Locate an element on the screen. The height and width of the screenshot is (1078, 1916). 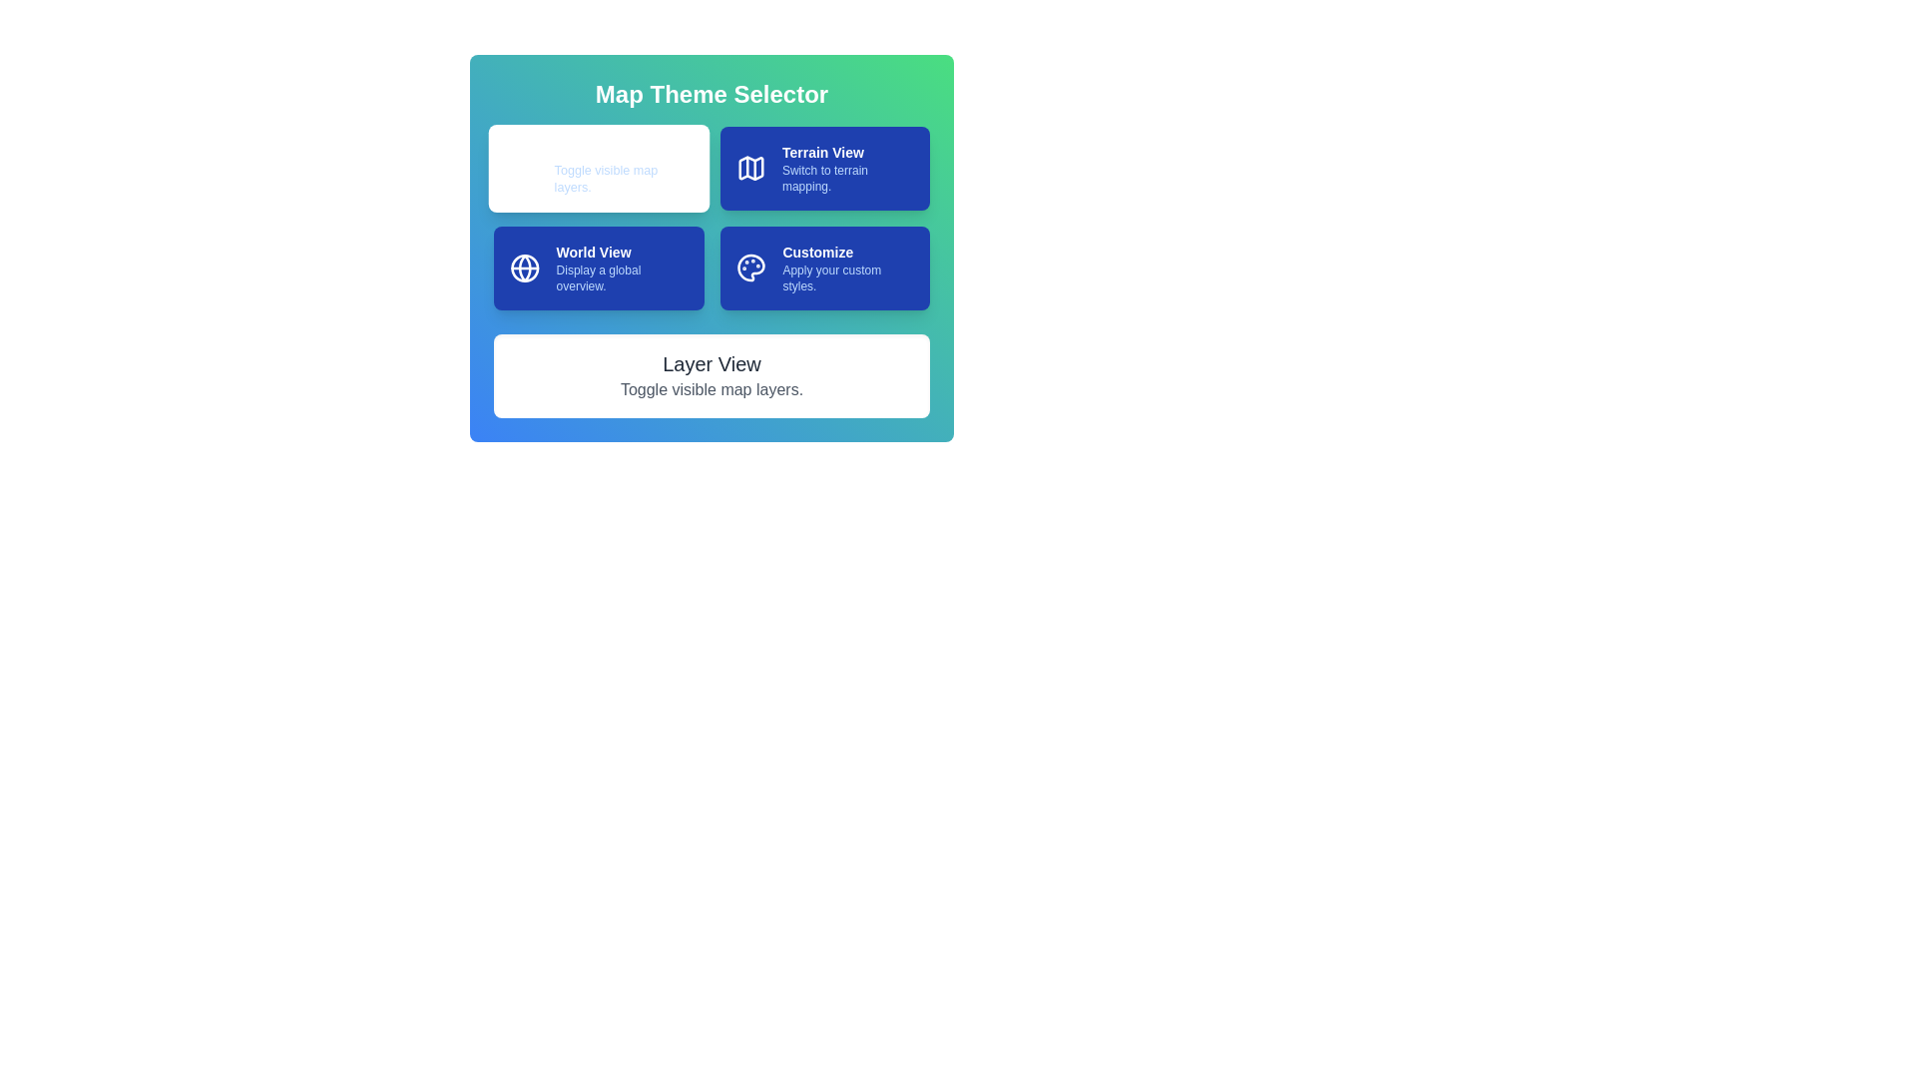
the 'Layer View' text label, which is styled in large, bold, dark gray font and positioned within the white rounded rectangle card in the 'Map Theme Selector' interface is located at coordinates (712, 364).